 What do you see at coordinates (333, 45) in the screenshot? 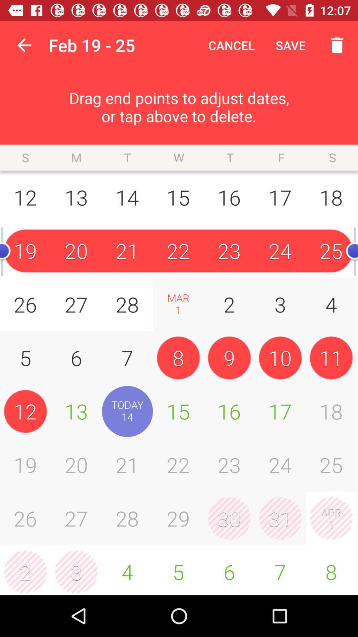
I see `delete` at bounding box center [333, 45].